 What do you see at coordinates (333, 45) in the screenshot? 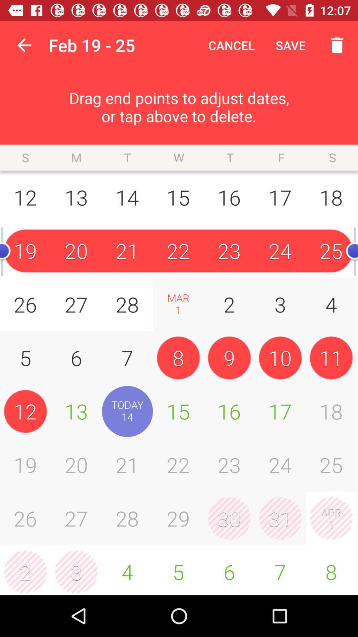
I see `delete` at bounding box center [333, 45].